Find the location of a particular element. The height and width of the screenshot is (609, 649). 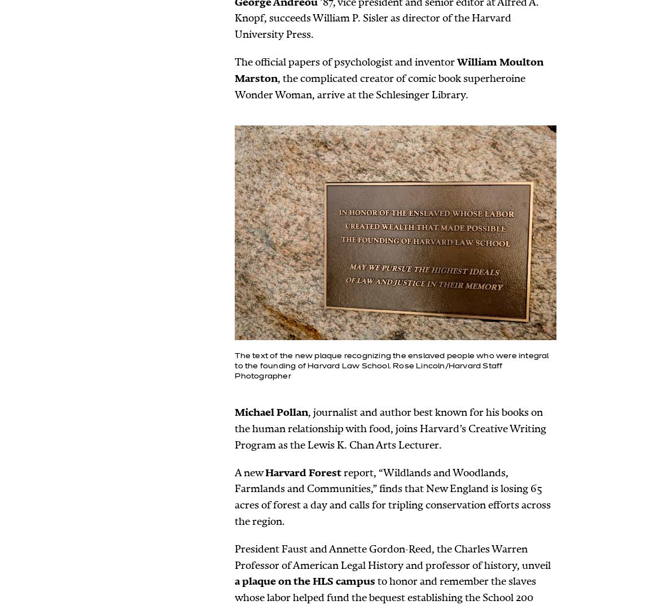

', the complicated creator of comic book superheroine Wonder Woman, arrive at the Schlesinger Library.' is located at coordinates (234, 86).